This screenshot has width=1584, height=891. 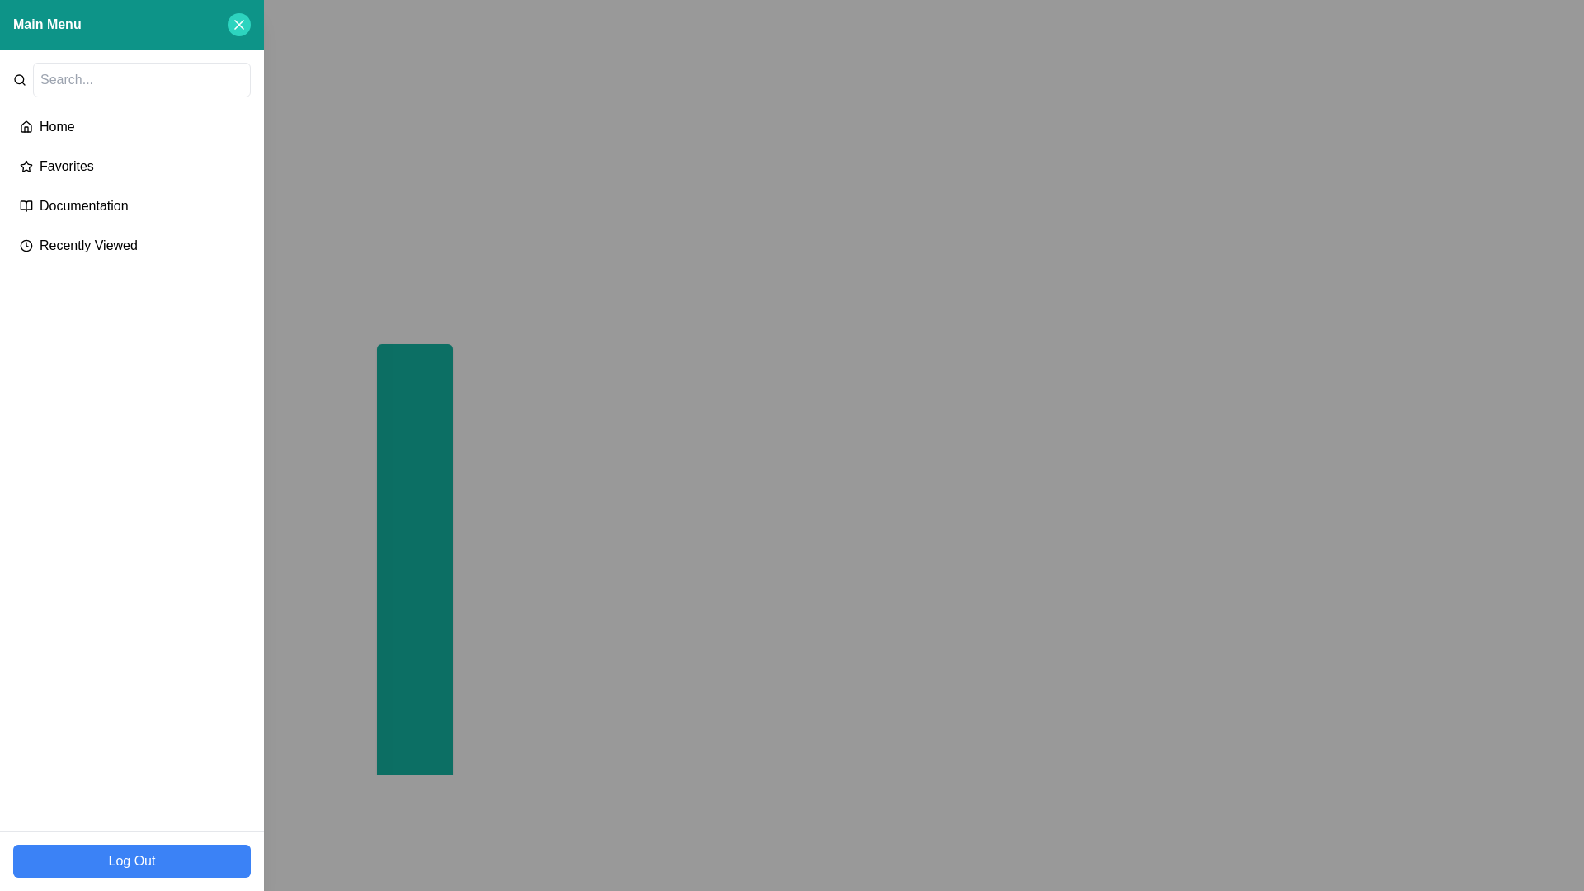 What do you see at coordinates (26, 125) in the screenshot?
I see `the house-shaped SVG icon located near the top left of the user interface, adjacent to the 'Home' text label in the navigation menu` at bounding box center [26, 125].